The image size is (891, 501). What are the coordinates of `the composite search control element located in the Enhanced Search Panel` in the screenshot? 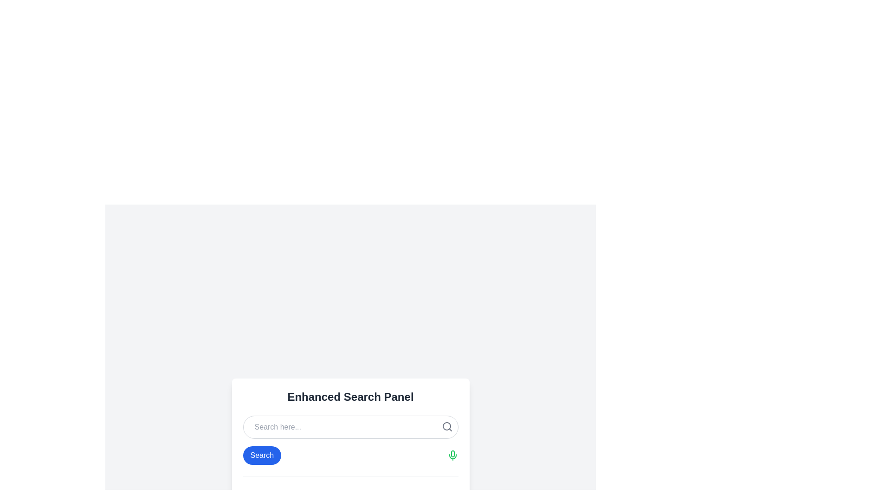 It's located at (350, 455).